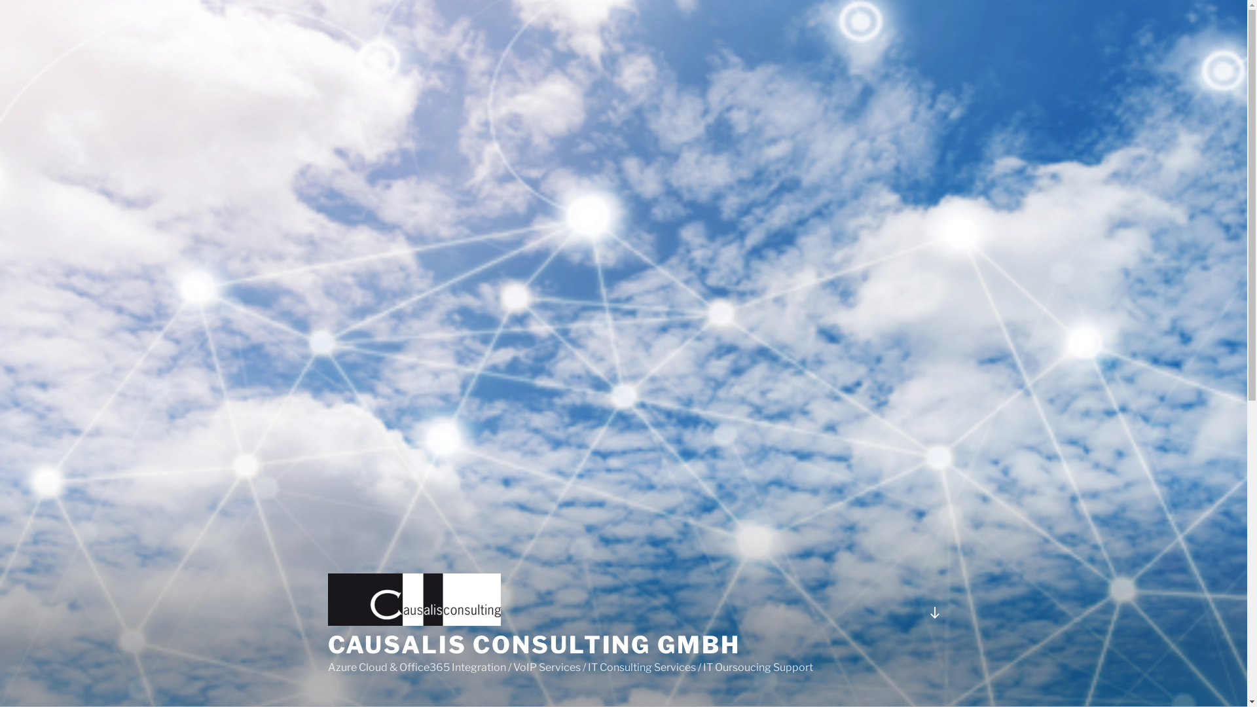 The width and height of the screenshot is (1257, 707). I want to click on 'Zum Inhalt nach unten scrollen', so click(933, 613).